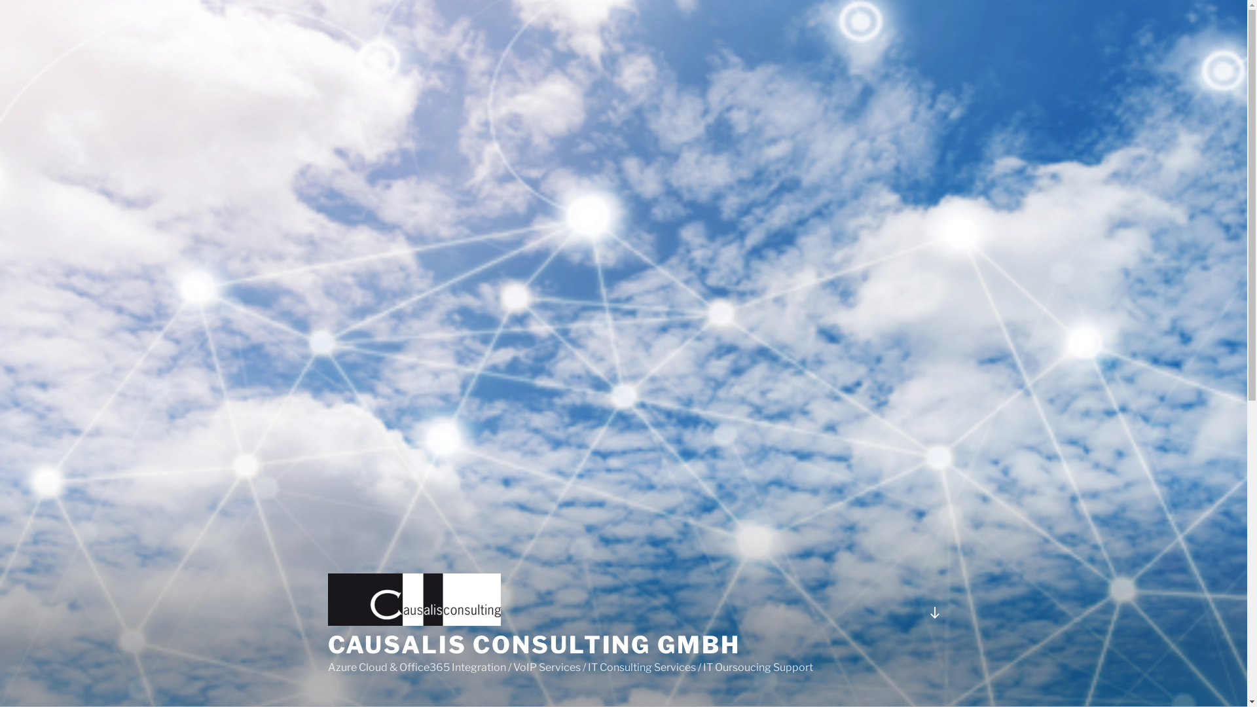 The width and height of the screenshot is (1257, 707). I want to click on 'Zum Inhalt nach unten scrollen', so click(933, 613).